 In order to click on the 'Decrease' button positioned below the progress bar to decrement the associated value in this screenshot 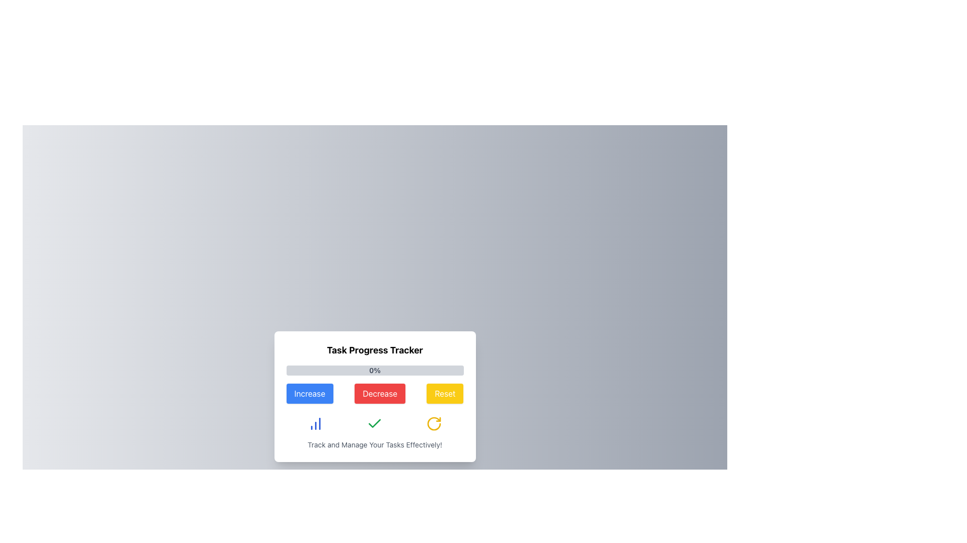, I will do `click(374, 396)`.